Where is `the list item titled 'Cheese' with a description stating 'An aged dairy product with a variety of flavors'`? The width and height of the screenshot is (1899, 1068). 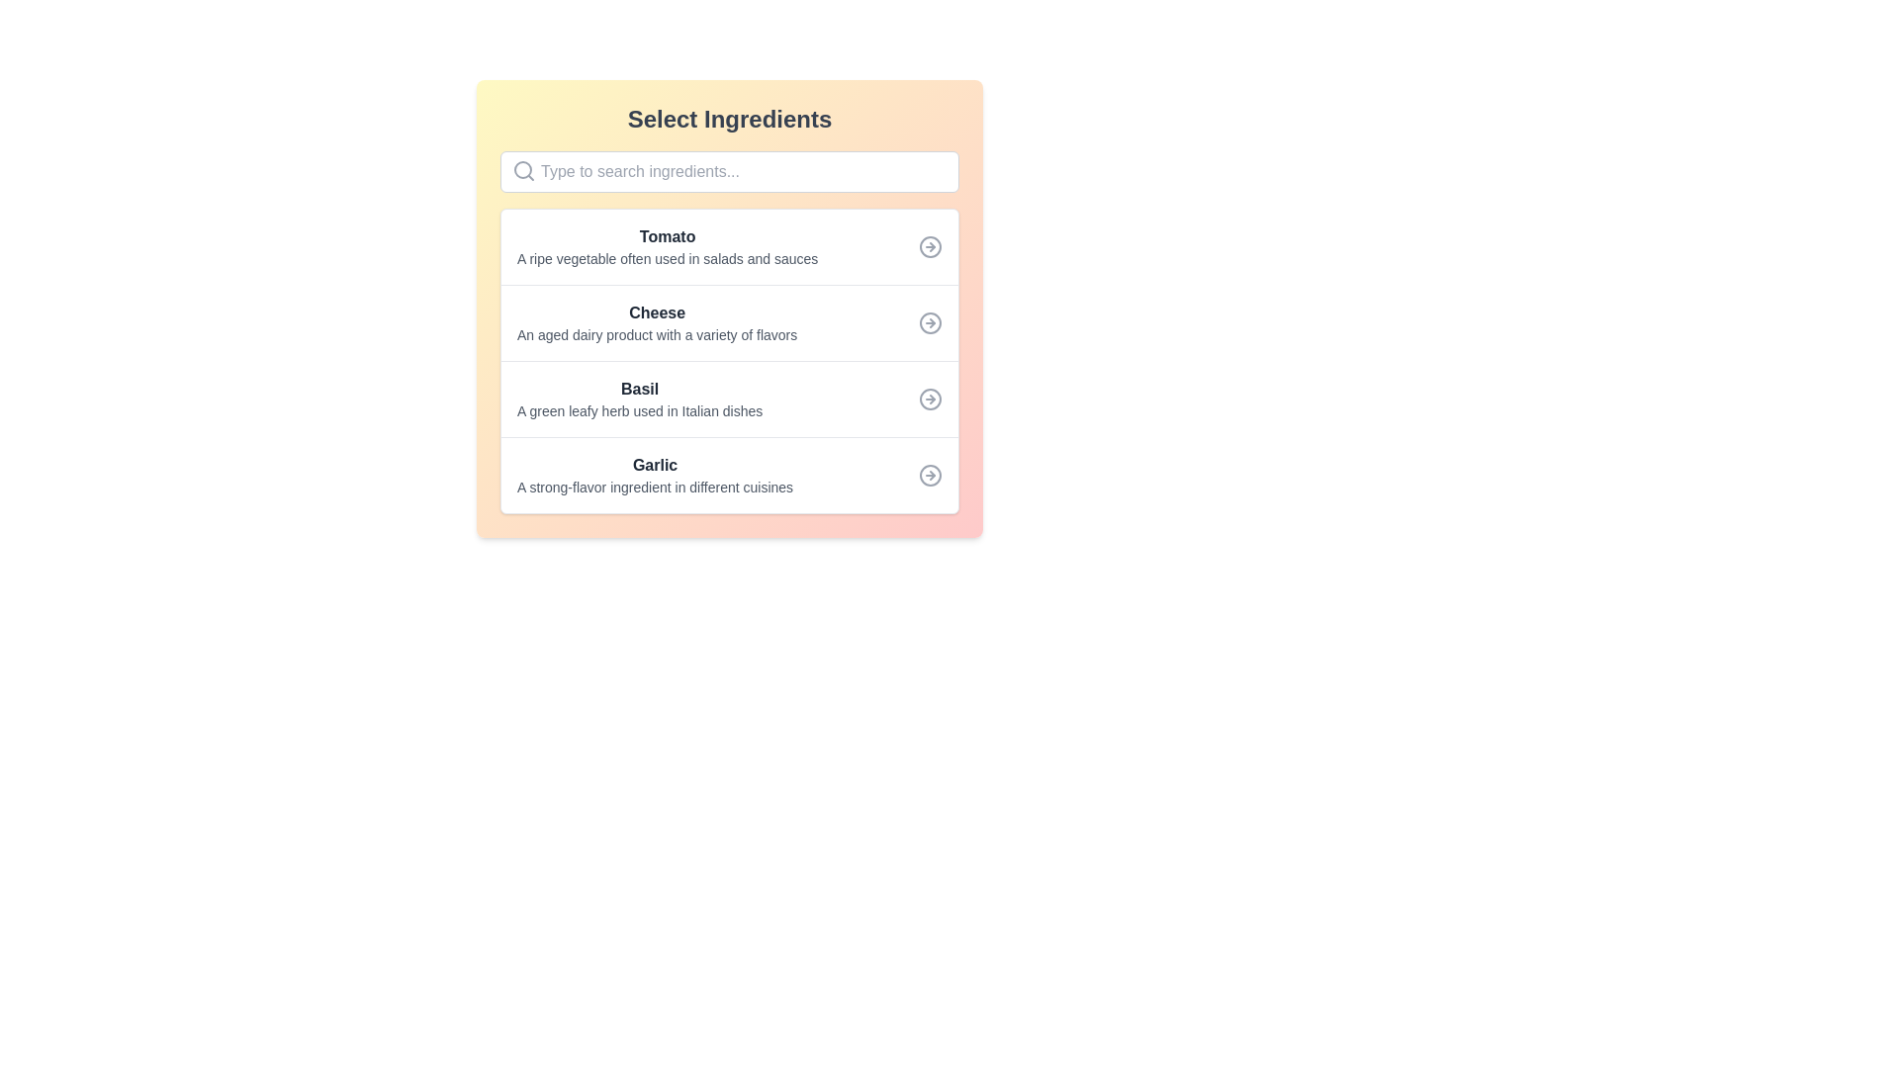
the list item titled 'Cheese' with a description stating 'An aged dairy product with a variety of flavors' is located at coordinates (729, 309).